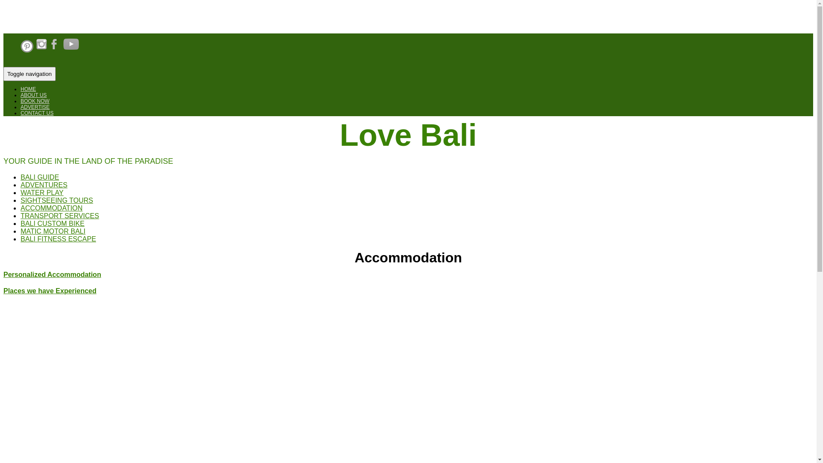 The height and width of the screenshot is (463, 823). I want to click on 'BALI CUSTOM BIKE', so click(52, 223).